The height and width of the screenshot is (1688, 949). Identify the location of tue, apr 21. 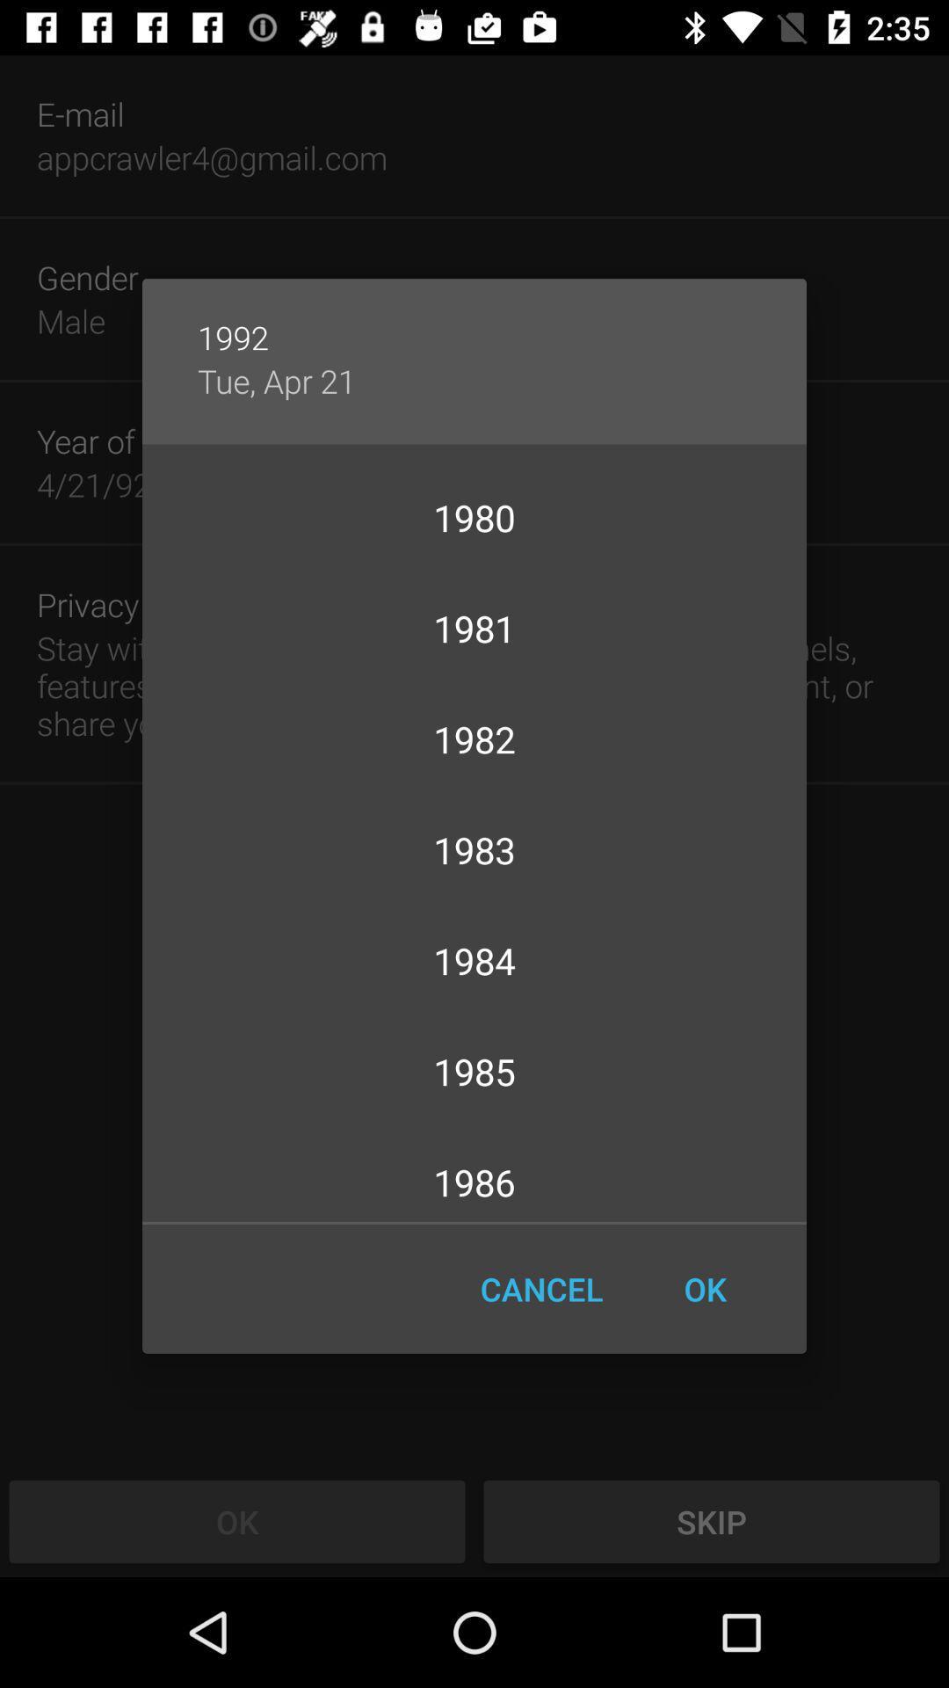
(277, 380).